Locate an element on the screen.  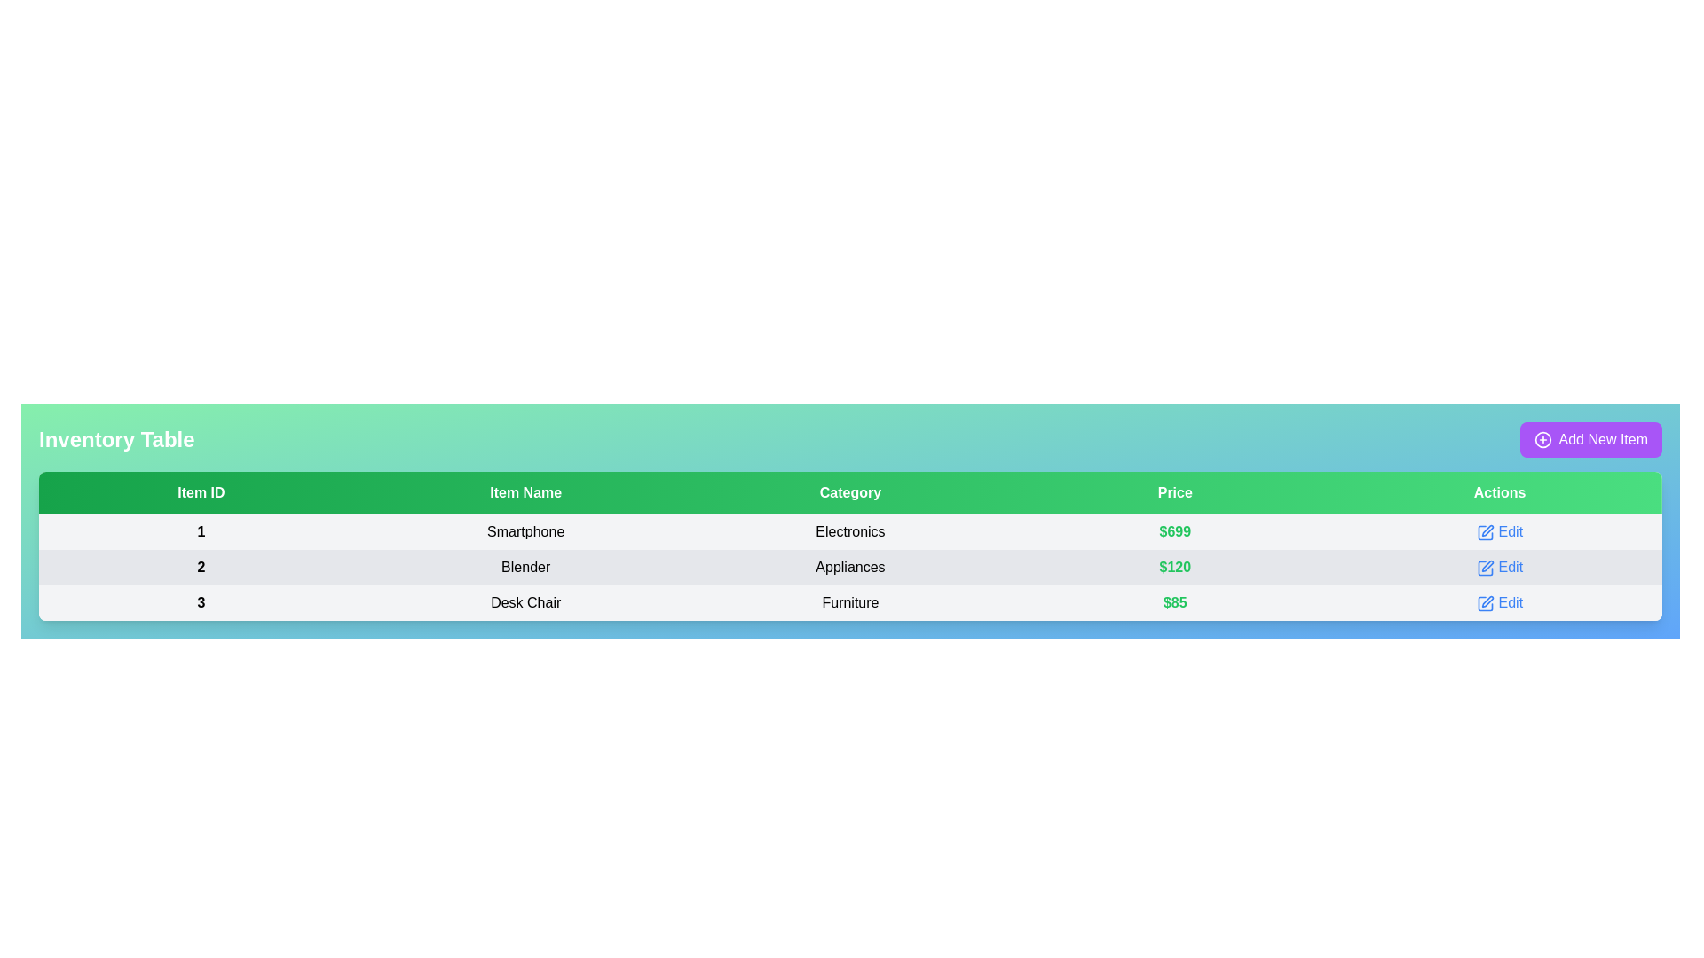
the third row in the 'Inventory Table' that displays details about the 'Desk Chair' is located at coordinates (849, 601).